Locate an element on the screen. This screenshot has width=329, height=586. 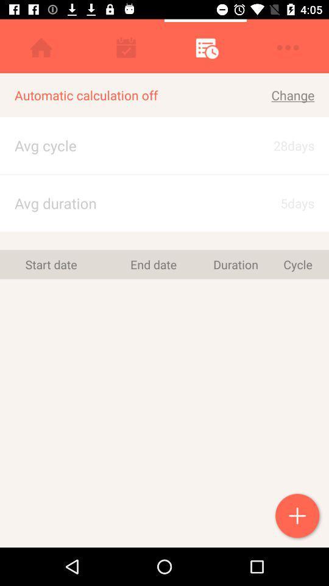
avg duration is located at coordinates (115, 203).